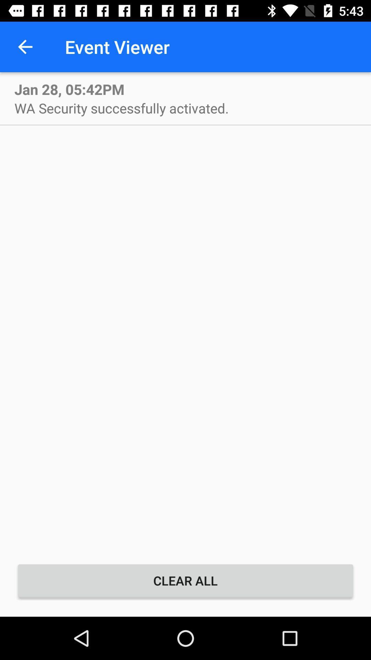 This screenshot has width=371, height=660. I want to click on the wa security successfully, so click(121, 108).